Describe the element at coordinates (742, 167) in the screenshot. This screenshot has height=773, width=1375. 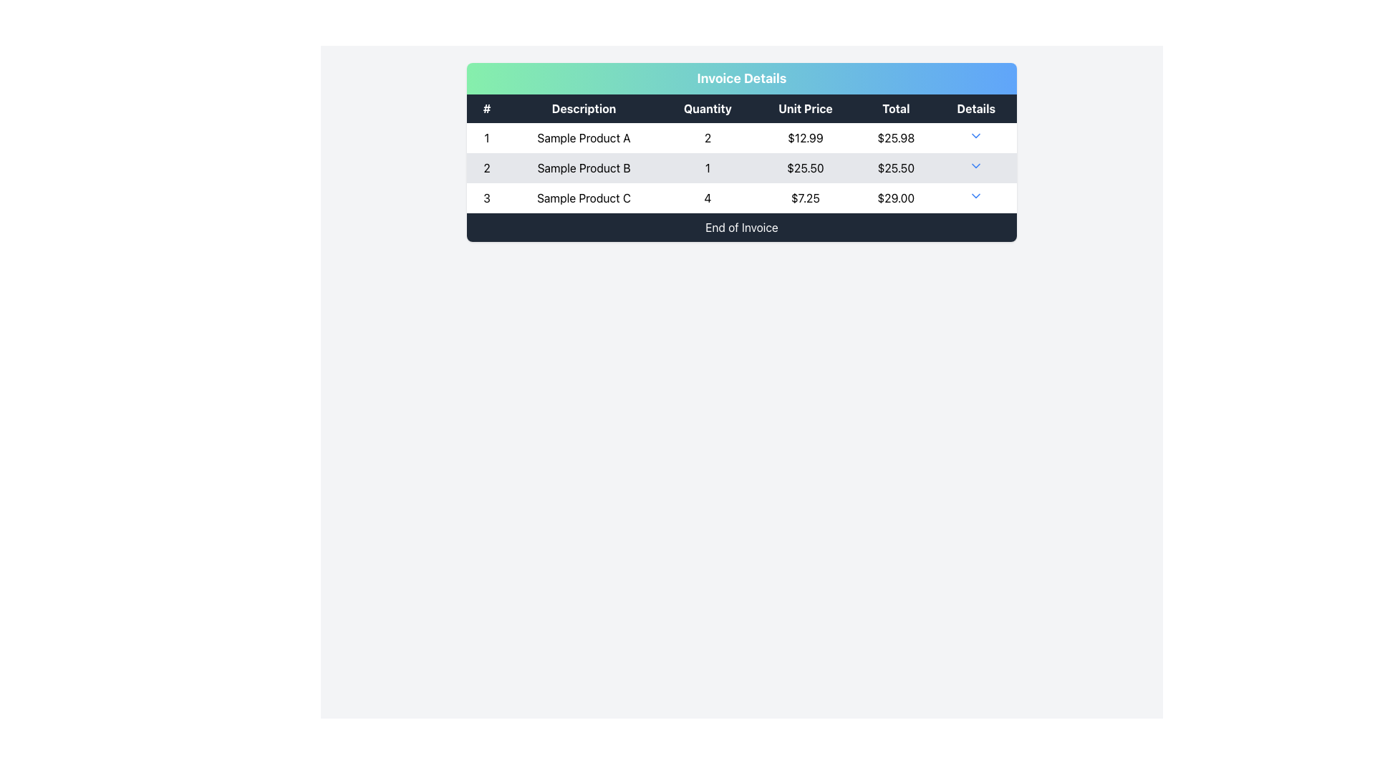
I see `the second row of the invoice table` at that location.